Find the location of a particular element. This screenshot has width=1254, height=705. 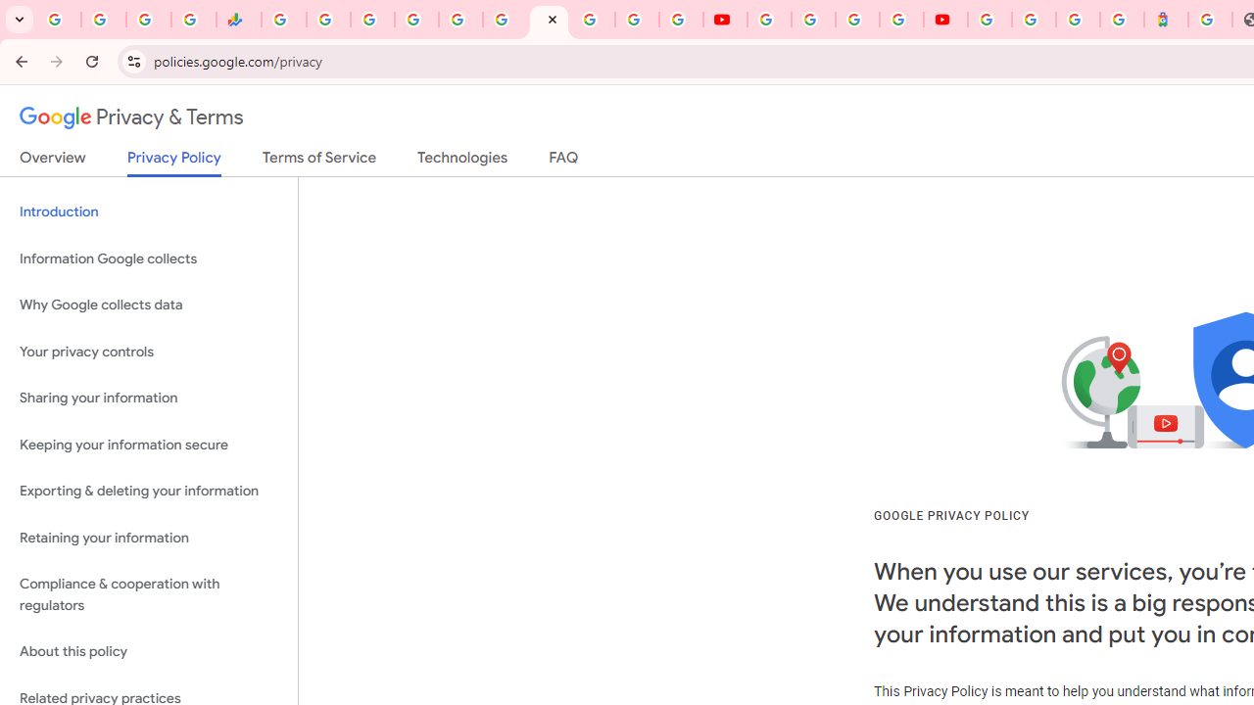

'Why Google collects data' is located at coordinates (148, 305).